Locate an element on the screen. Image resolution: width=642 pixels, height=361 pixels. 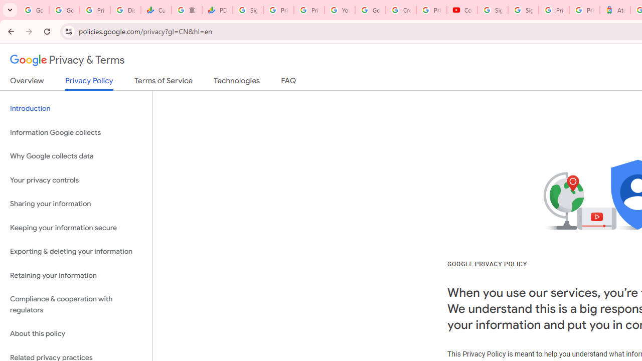
'Sign in - Google Accounts' is located at coordinates (493, 10).